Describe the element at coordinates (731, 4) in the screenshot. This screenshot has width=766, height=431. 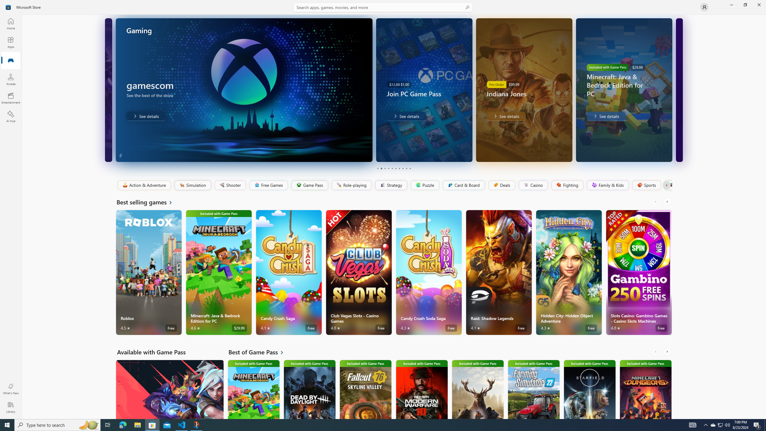
I see `'Minimize Microsoft Store'` at that location.